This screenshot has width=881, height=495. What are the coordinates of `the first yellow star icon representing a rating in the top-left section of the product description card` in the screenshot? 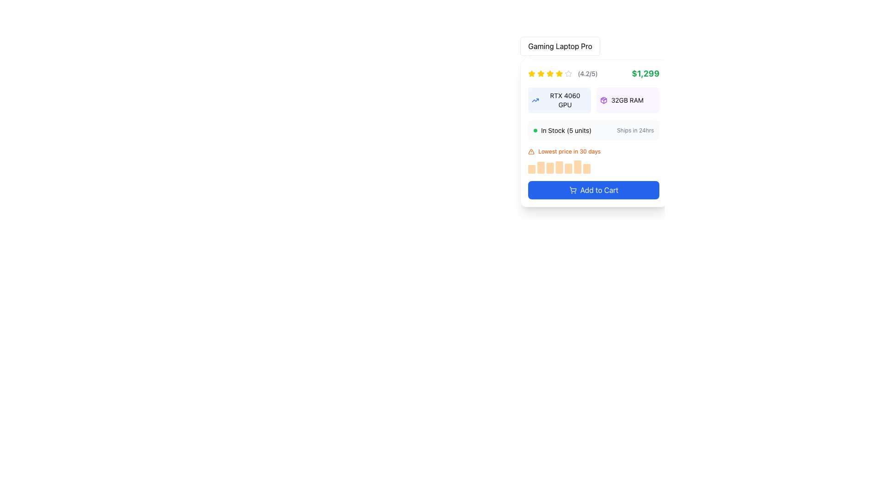 It's located at (532, 73).